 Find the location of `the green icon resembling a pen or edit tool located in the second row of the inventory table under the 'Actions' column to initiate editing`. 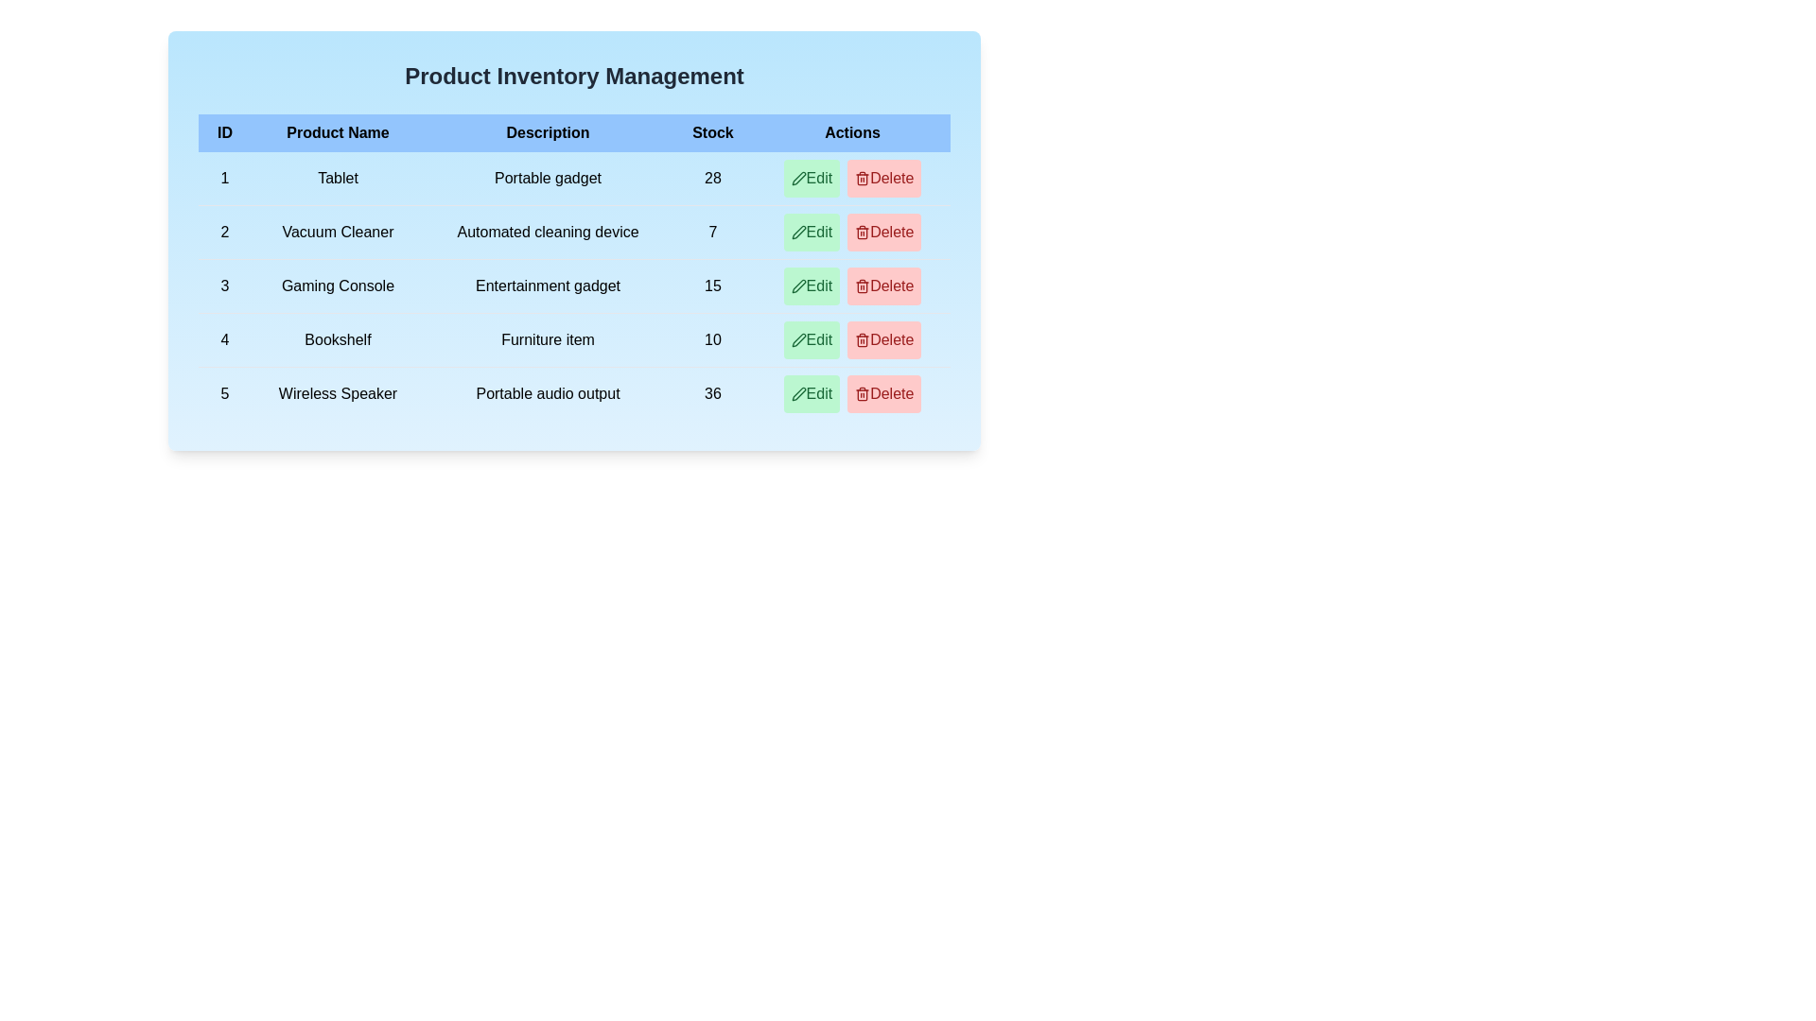

the green icon resembling a pen or edit tool located in the second row of the inventory table under the 'Actions' column to initiate editing is located at coordinates (798, 232).